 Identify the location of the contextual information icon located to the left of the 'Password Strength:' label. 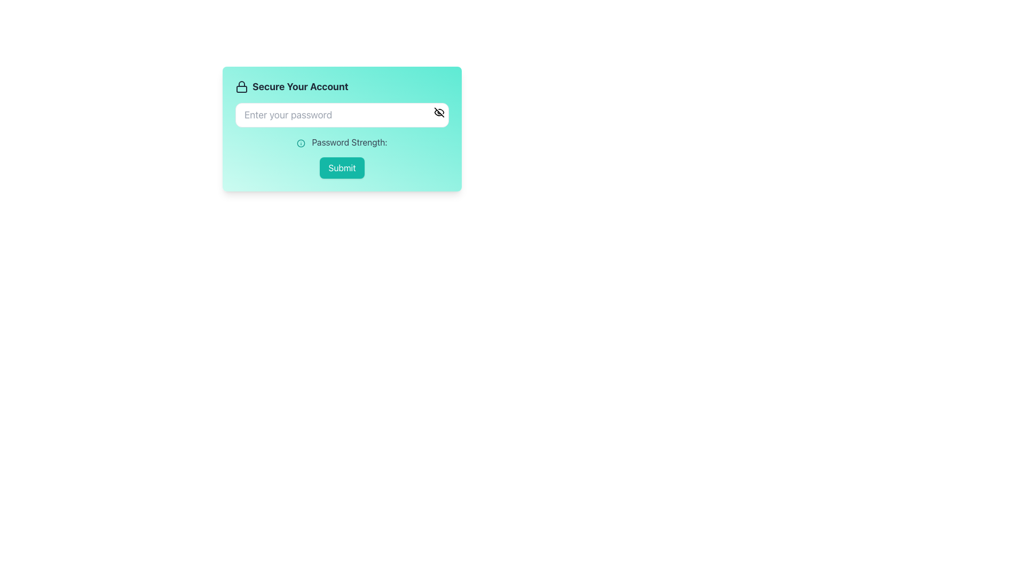
(301, 142).